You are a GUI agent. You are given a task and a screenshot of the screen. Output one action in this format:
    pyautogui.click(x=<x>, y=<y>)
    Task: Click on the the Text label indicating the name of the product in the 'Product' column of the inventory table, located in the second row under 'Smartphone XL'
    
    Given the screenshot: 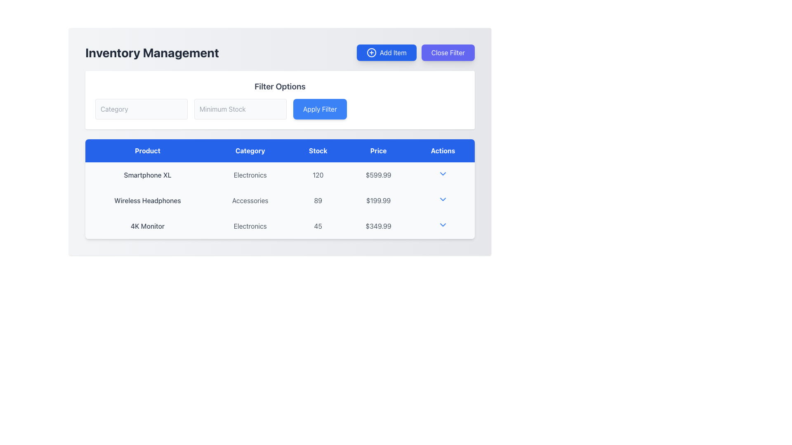 What is the action you would take?
    pyautogui.click(x=148, y=200)
    